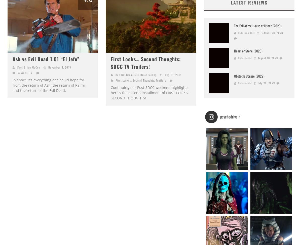  I want to click on 'Obstacle Corpse (2022)', so click(234, 76).